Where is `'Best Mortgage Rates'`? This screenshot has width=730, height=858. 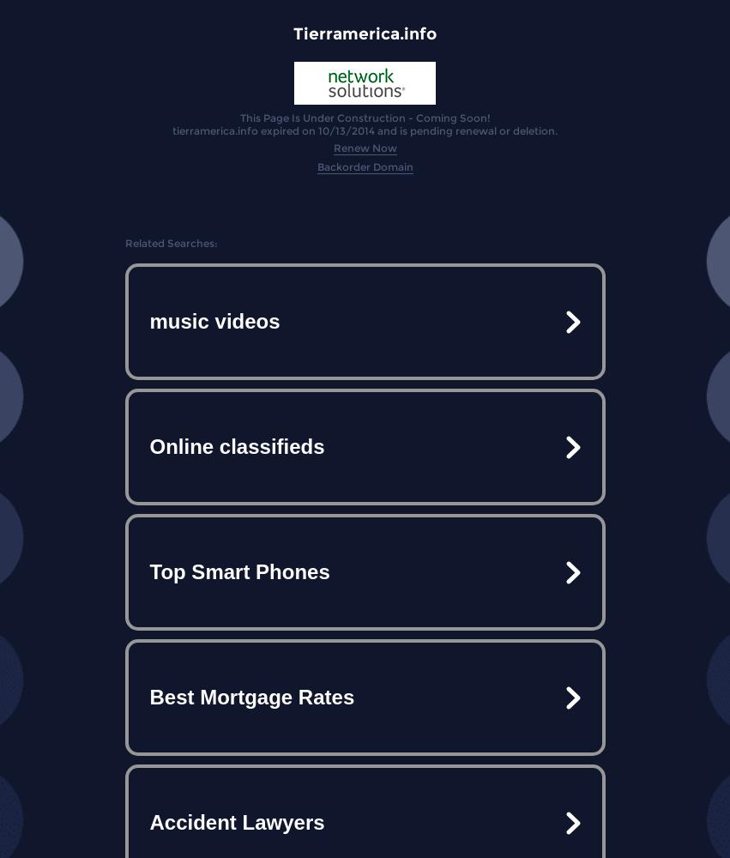 'Best Mortgage Rates' is located at coordinates (251, 697).